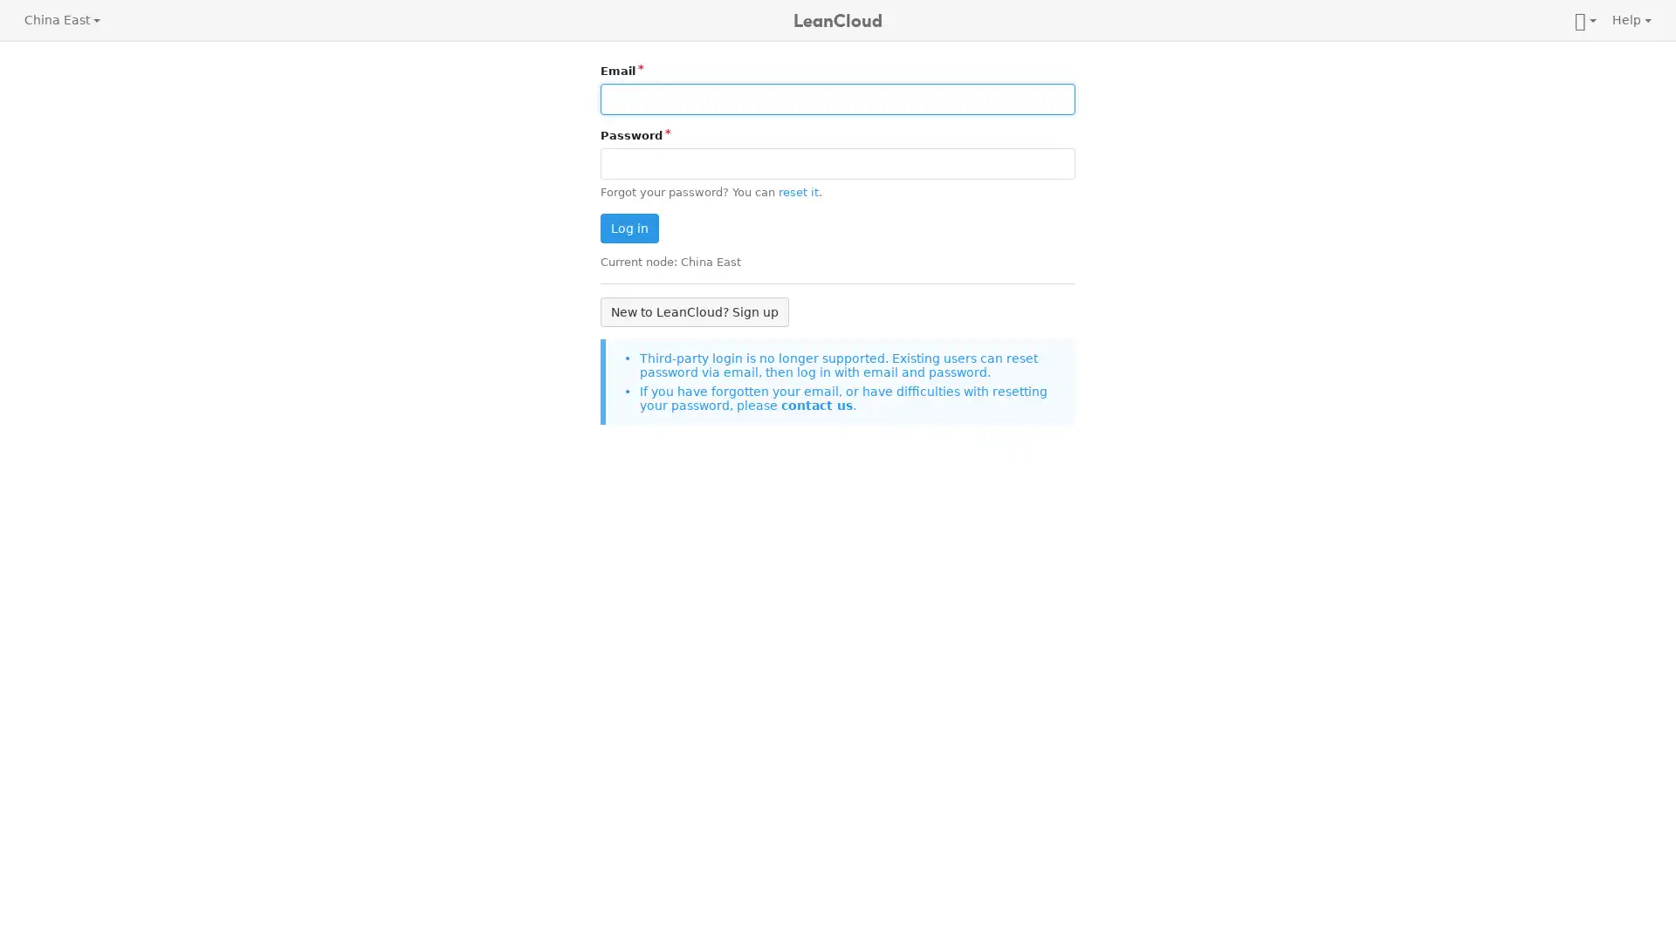  I want to click on Log in, so click(628, 228).